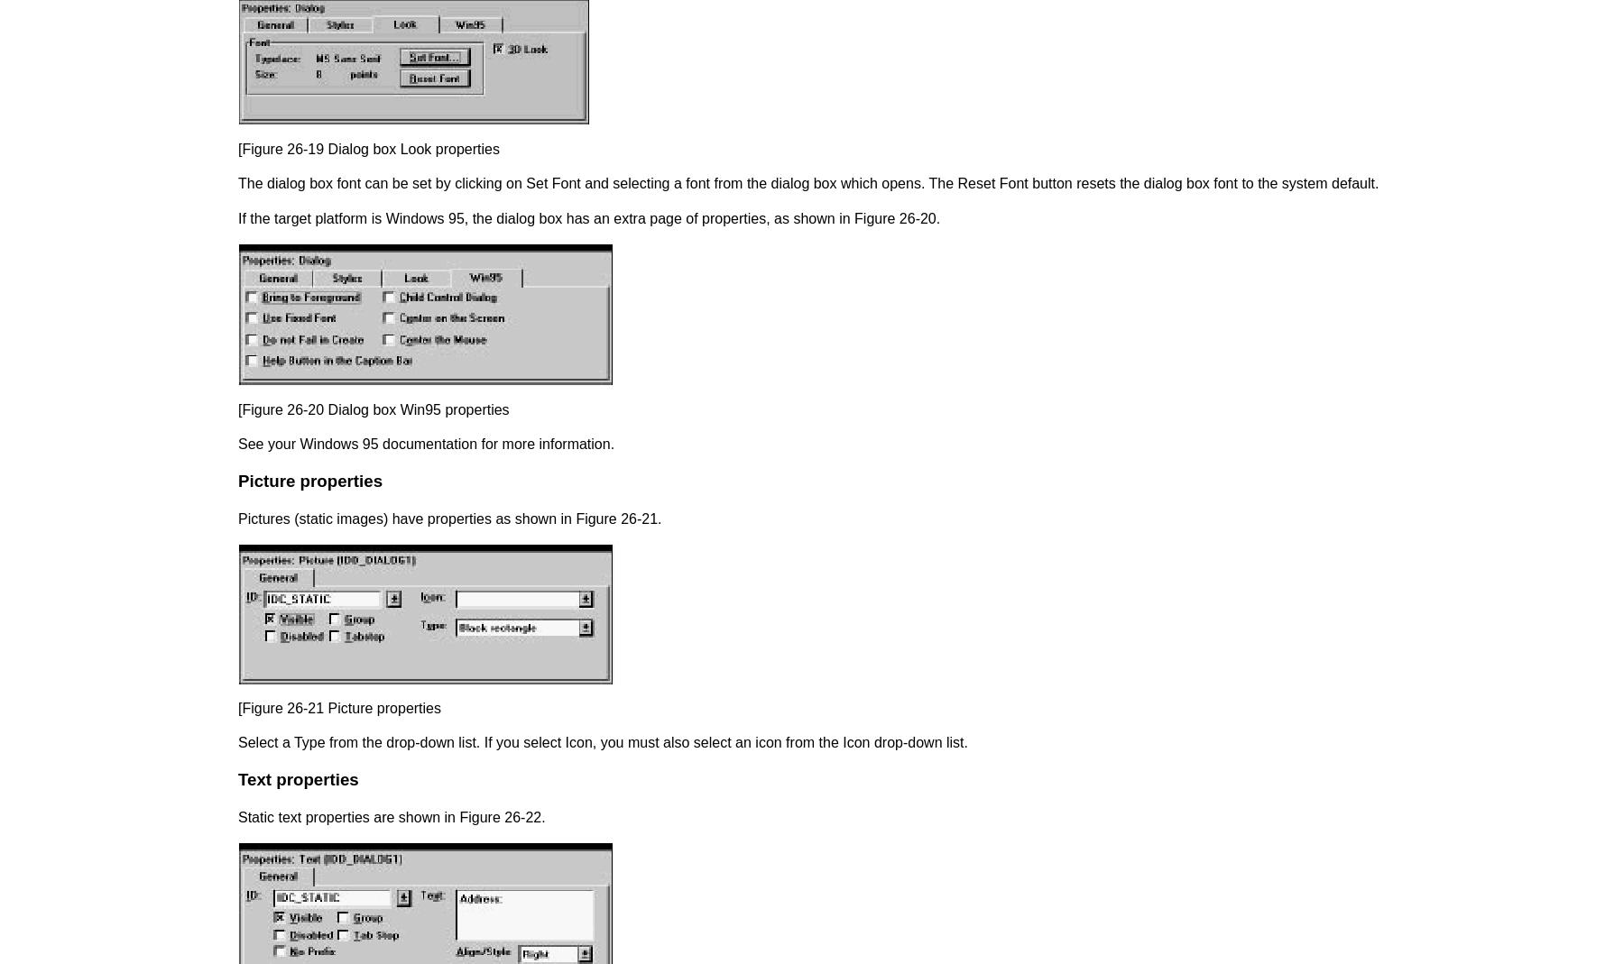 Image resolution: width=1624 pixels, height=964 pixels. Describe the element at coordinates (237, 707) in the screenshot. I see `'[Figure 26-21 Picture properties'` at that location.